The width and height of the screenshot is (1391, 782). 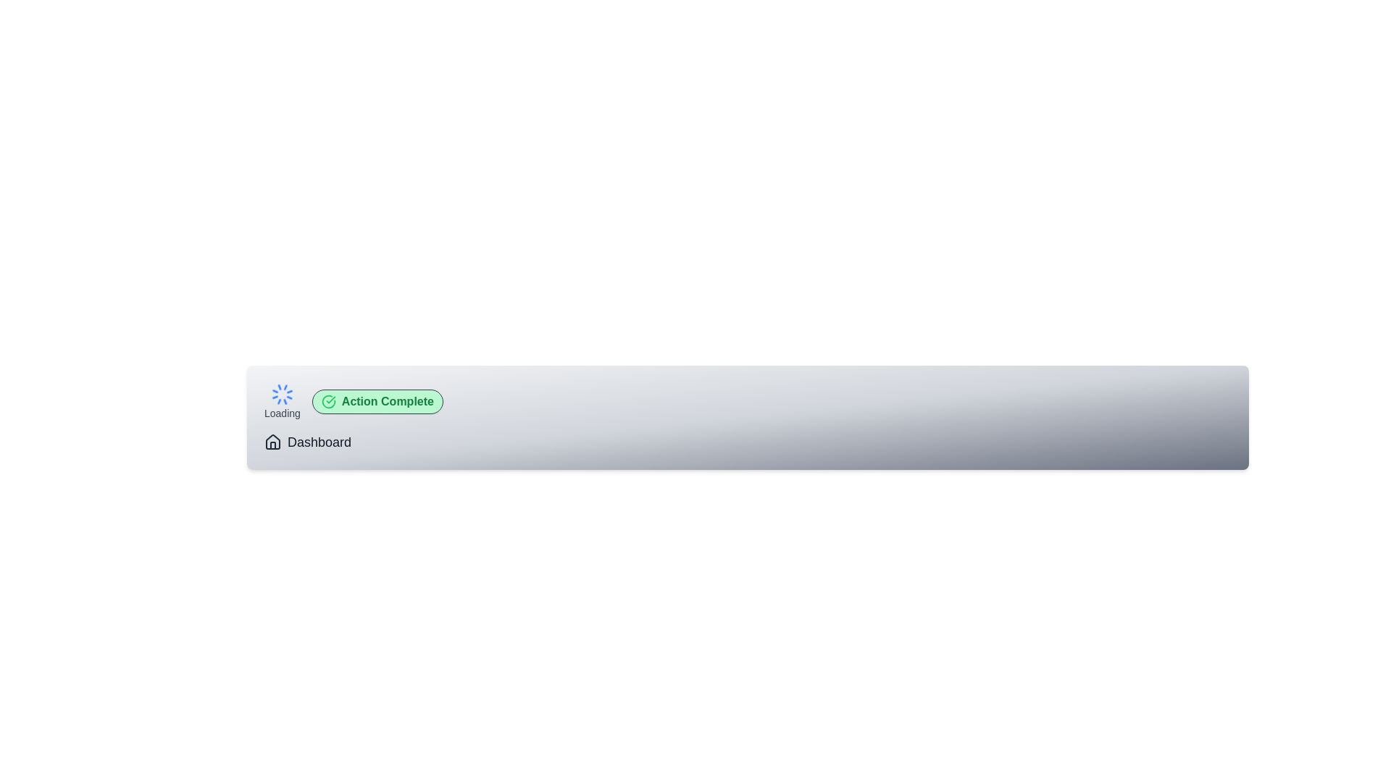 I want to click on the house icon representing the 'Dashboard' feature, located towards the lower left of the interface, by clicking on it, so click(x=273, y=445).